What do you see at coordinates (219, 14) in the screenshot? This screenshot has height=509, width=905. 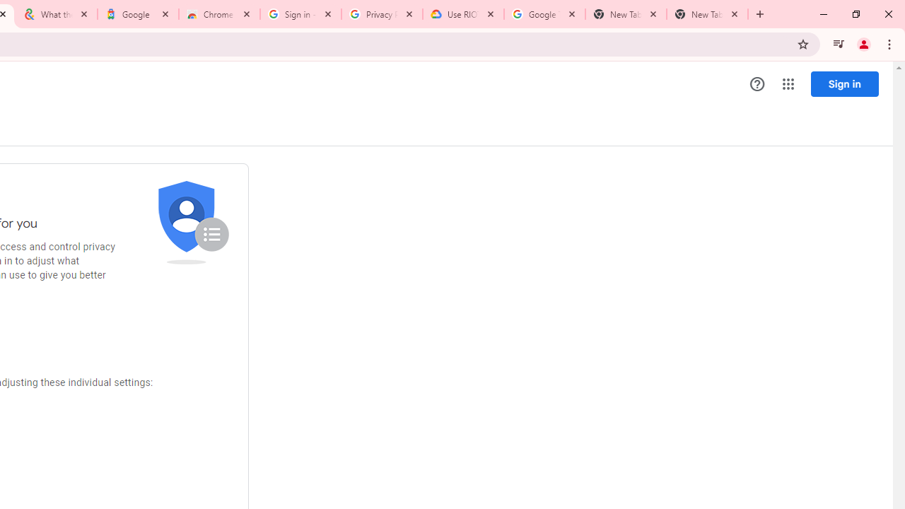 I see `'Chrome Web Store - Color themes by Chrome'` at bounding box center [219, 14].